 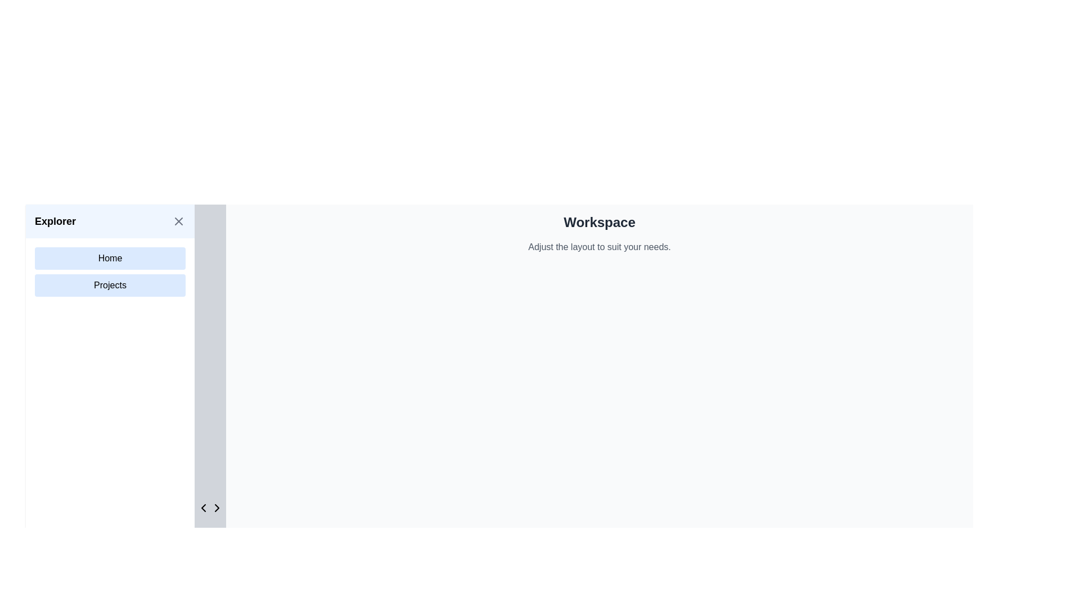 What do you see at coordinates (203, 508) in the screenshot?
I see `the left arrow icon button located in the bottom left corner of the interface` at bounding box center [203, 508].